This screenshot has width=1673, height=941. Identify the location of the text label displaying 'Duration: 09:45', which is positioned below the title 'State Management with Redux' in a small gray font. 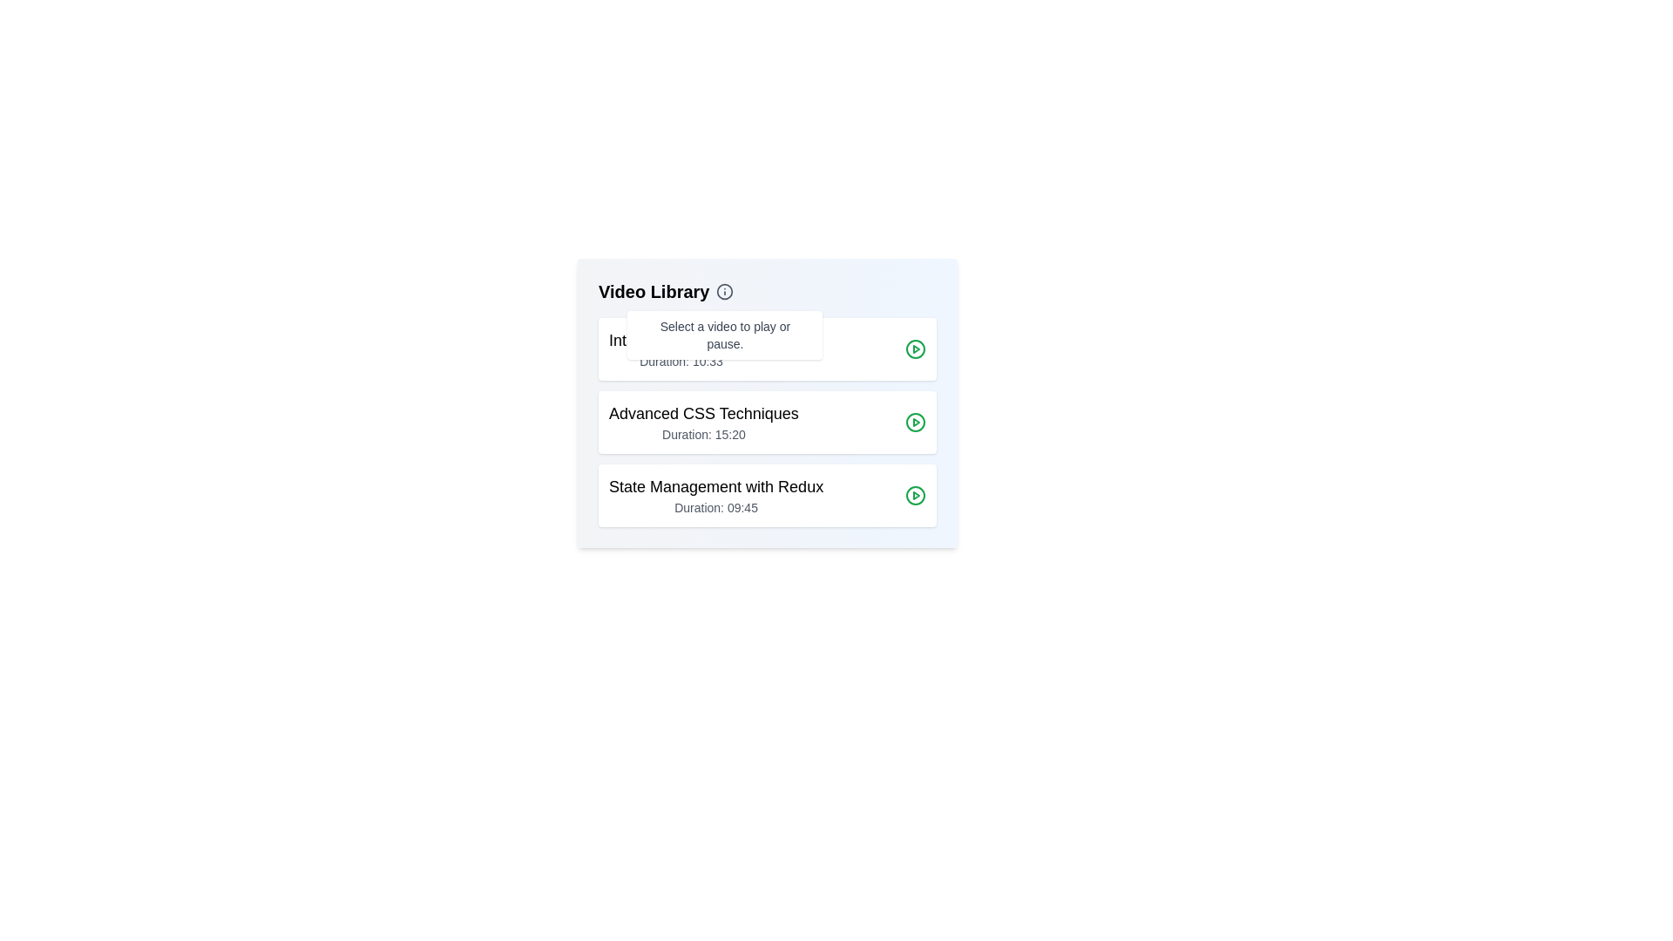
(716, 507).